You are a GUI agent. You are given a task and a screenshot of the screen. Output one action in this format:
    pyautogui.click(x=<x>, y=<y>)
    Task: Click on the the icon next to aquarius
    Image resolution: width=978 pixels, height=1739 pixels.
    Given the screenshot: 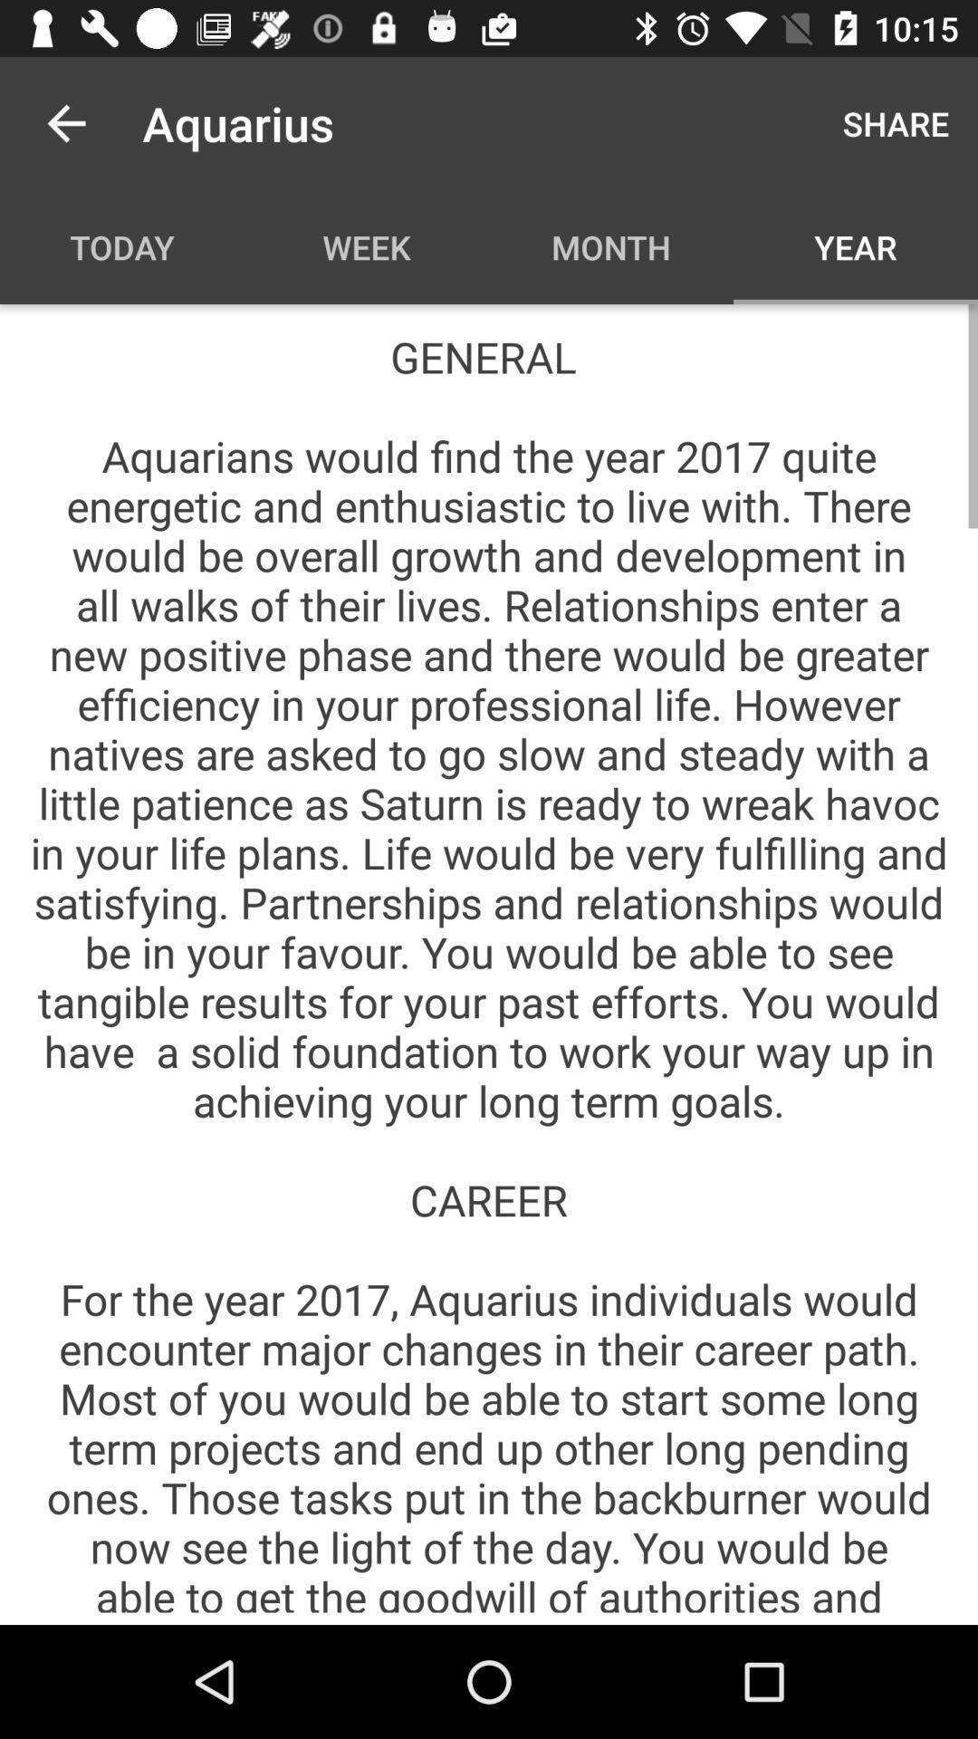 What is the action you would take?
    pyautogui.click(x=65, y=122)
    